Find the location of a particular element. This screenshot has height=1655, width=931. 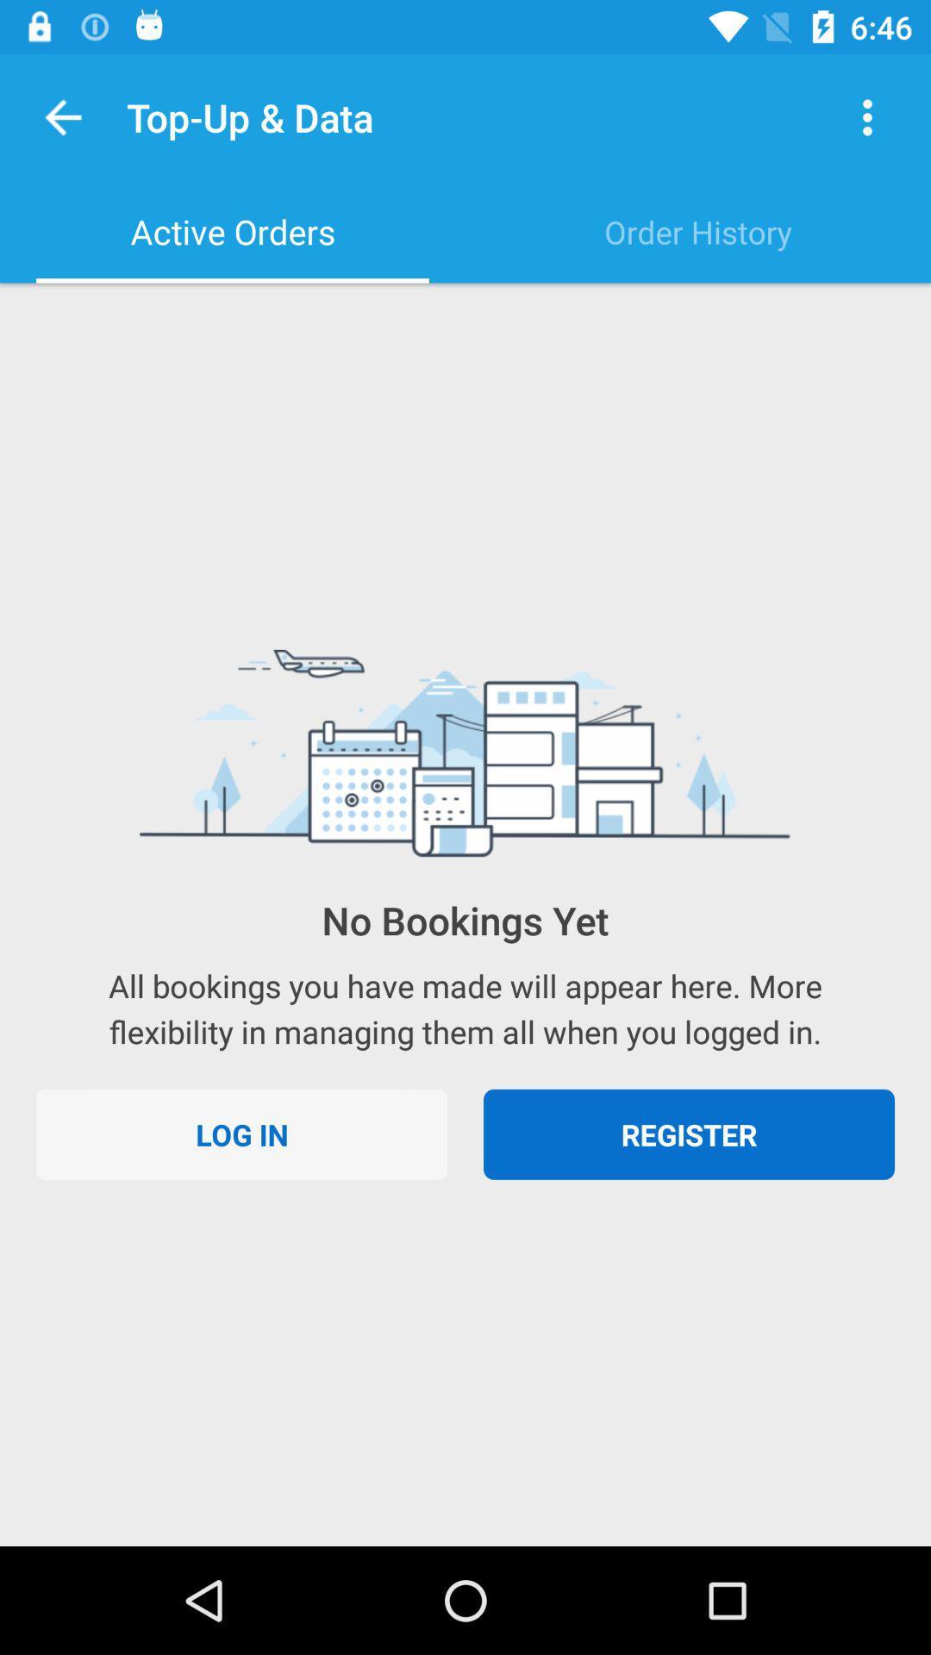

register is located at coordinates (688, 1134).